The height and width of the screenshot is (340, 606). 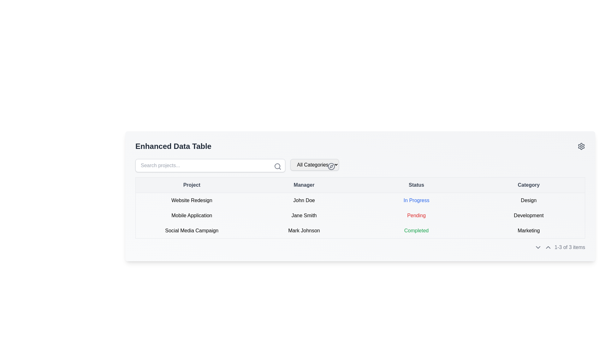 I want to click on the 'Manager' text label, which is the second column header in the data table, styled with a light gray background and medium gray text, so click(x=304, y=184).